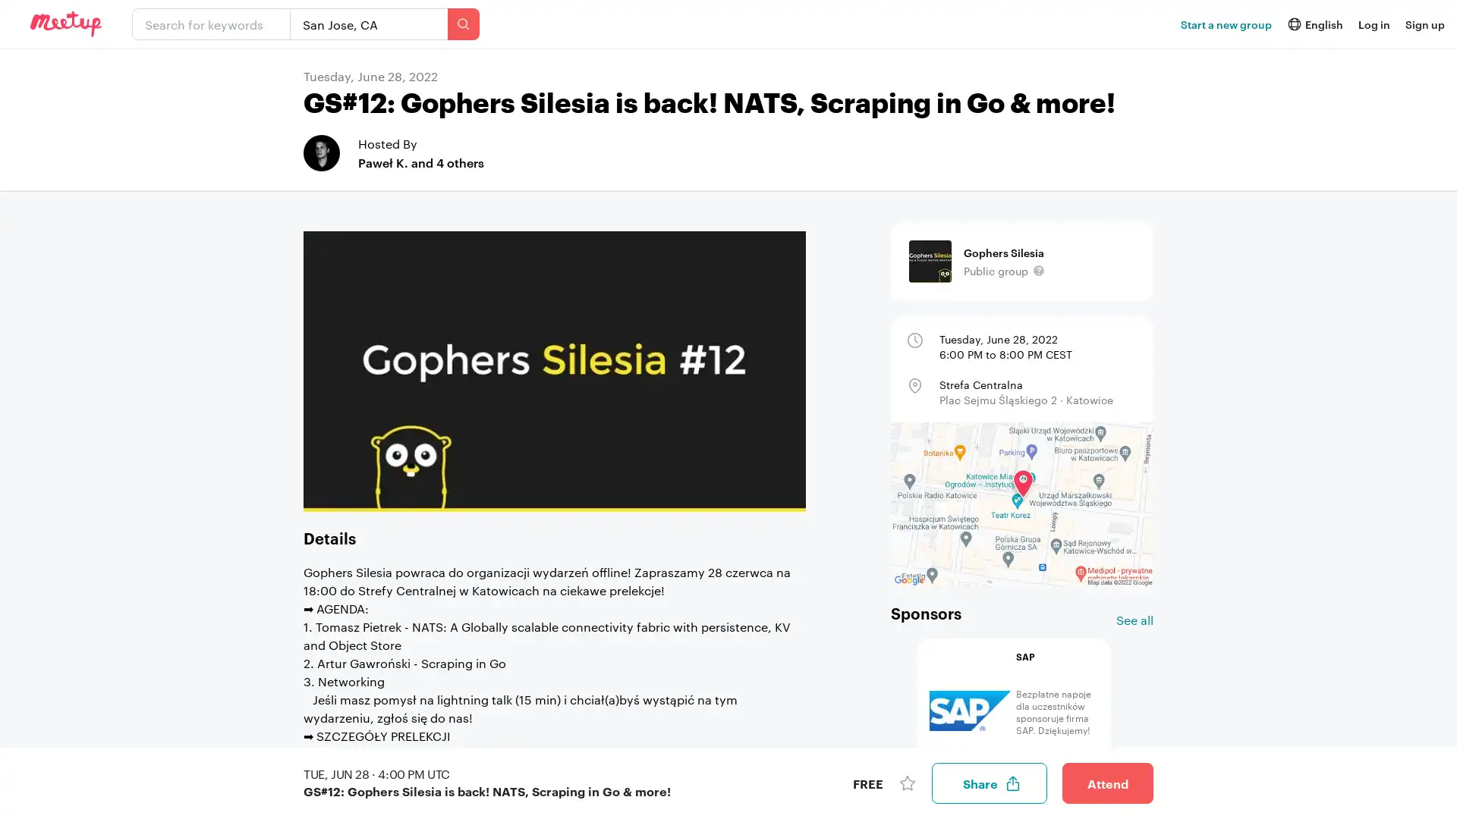  I want to click on Share event, so click(990, 783).